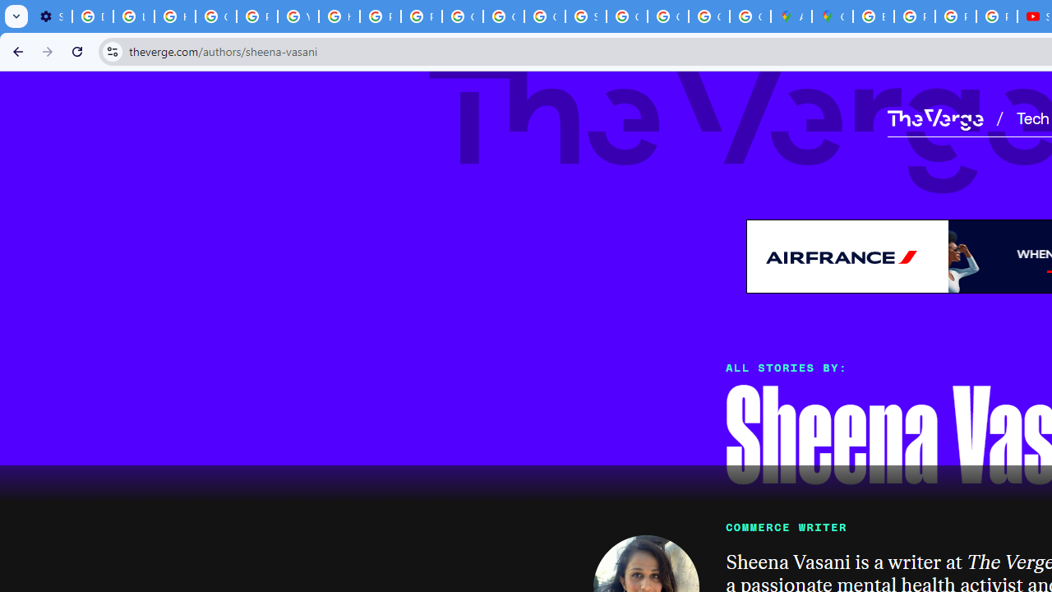 The width and height of the screenshot is (1052, 592). Describe the element at coordinates (1031, 116) in the screenshot. I see `'Tech'` at that location.